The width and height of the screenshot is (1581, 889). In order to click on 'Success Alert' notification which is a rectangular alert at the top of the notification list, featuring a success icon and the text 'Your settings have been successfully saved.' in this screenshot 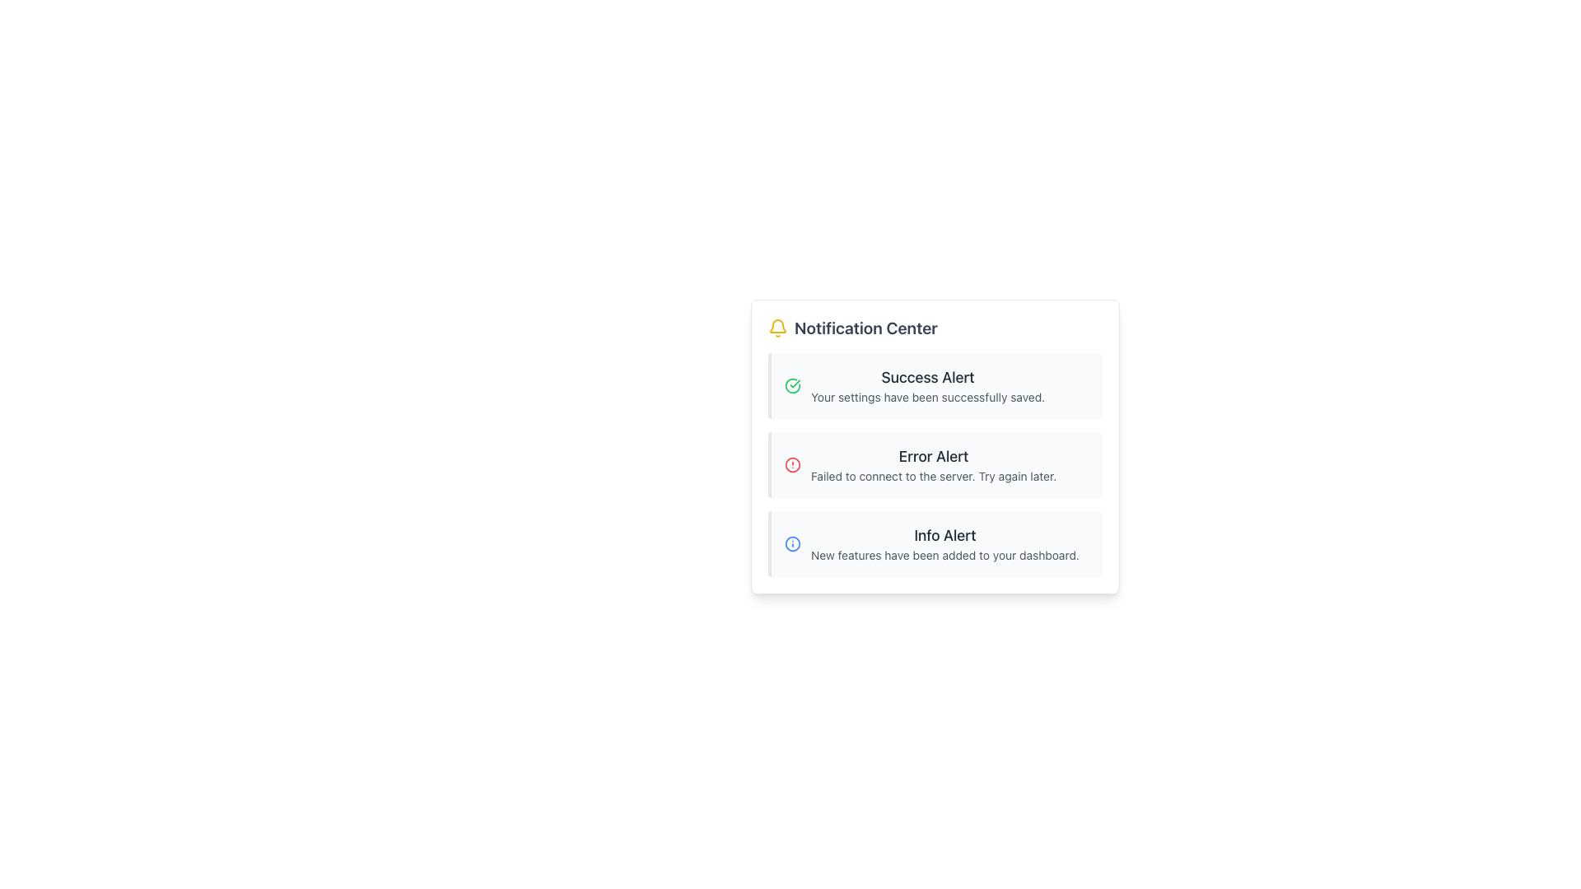, I will do `click(935, 386)`.